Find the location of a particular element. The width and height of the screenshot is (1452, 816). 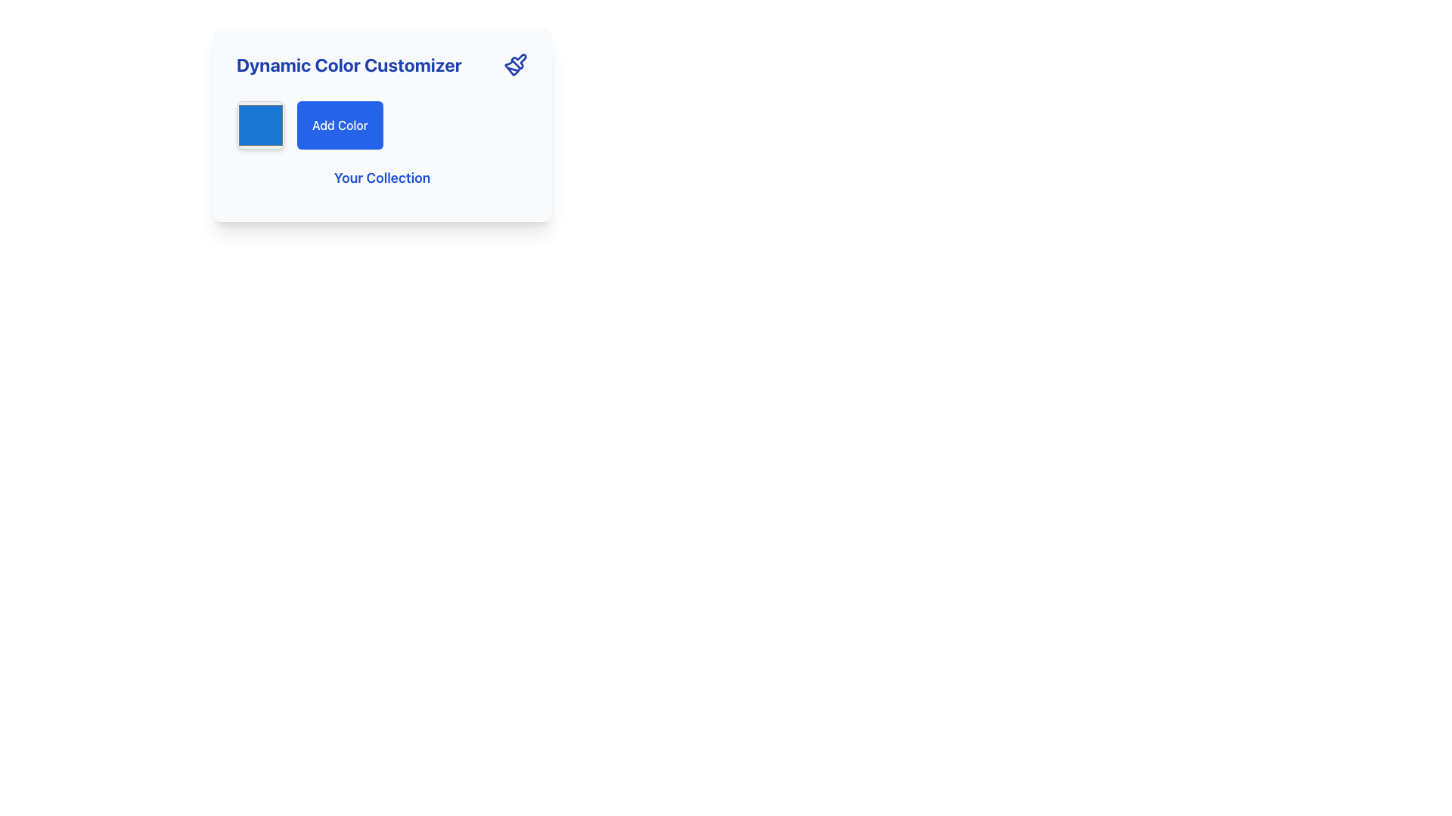

the Text label located in the lower portion of the panel, centered horizontally beneath the 'Add Color' button, which serves as a header for subsequent content is located at coordinates (382, 182).